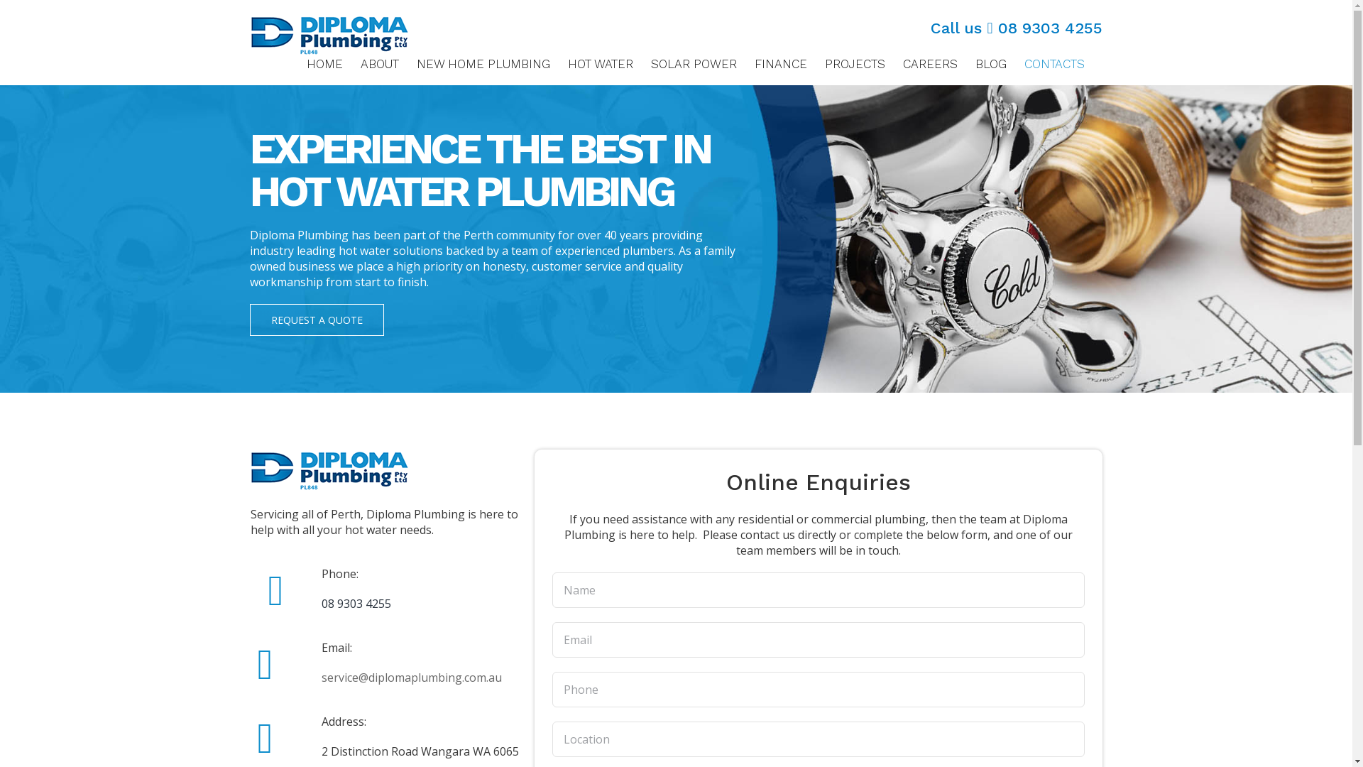 The image size is (1363, 767). Describe the element at coordinates (930, 62) in the screenshot. I see `'CAREERS'` at that location.